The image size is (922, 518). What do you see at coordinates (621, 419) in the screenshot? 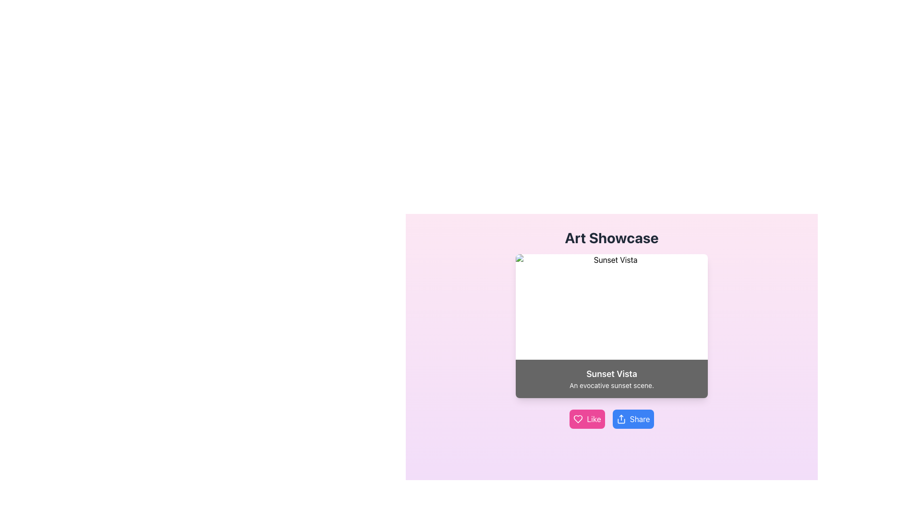
I see `the SVG icon representing the 'Share' button located in the bottom-right of the interface, next to the 'Like' button` at bounding box center [621, 419].